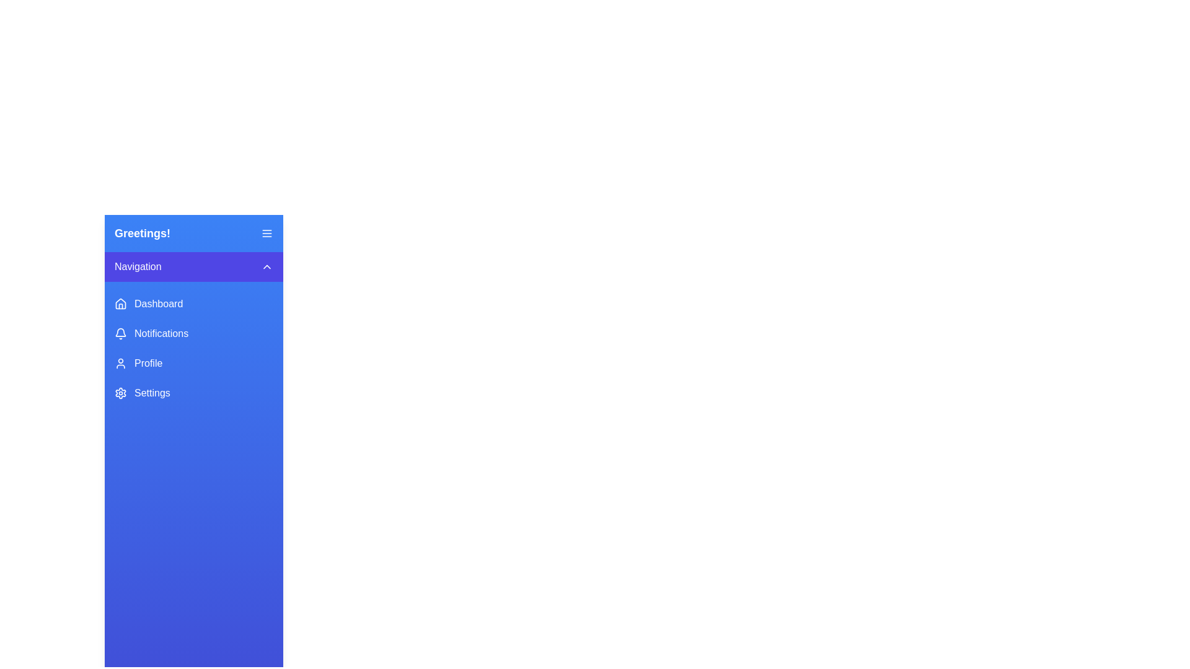  Describe the element at coordinates (193, 393) in the screenshot. I see `the navigation button that accesses the settings section, which is the fourth item in the vertical list of navigation options` at that location.